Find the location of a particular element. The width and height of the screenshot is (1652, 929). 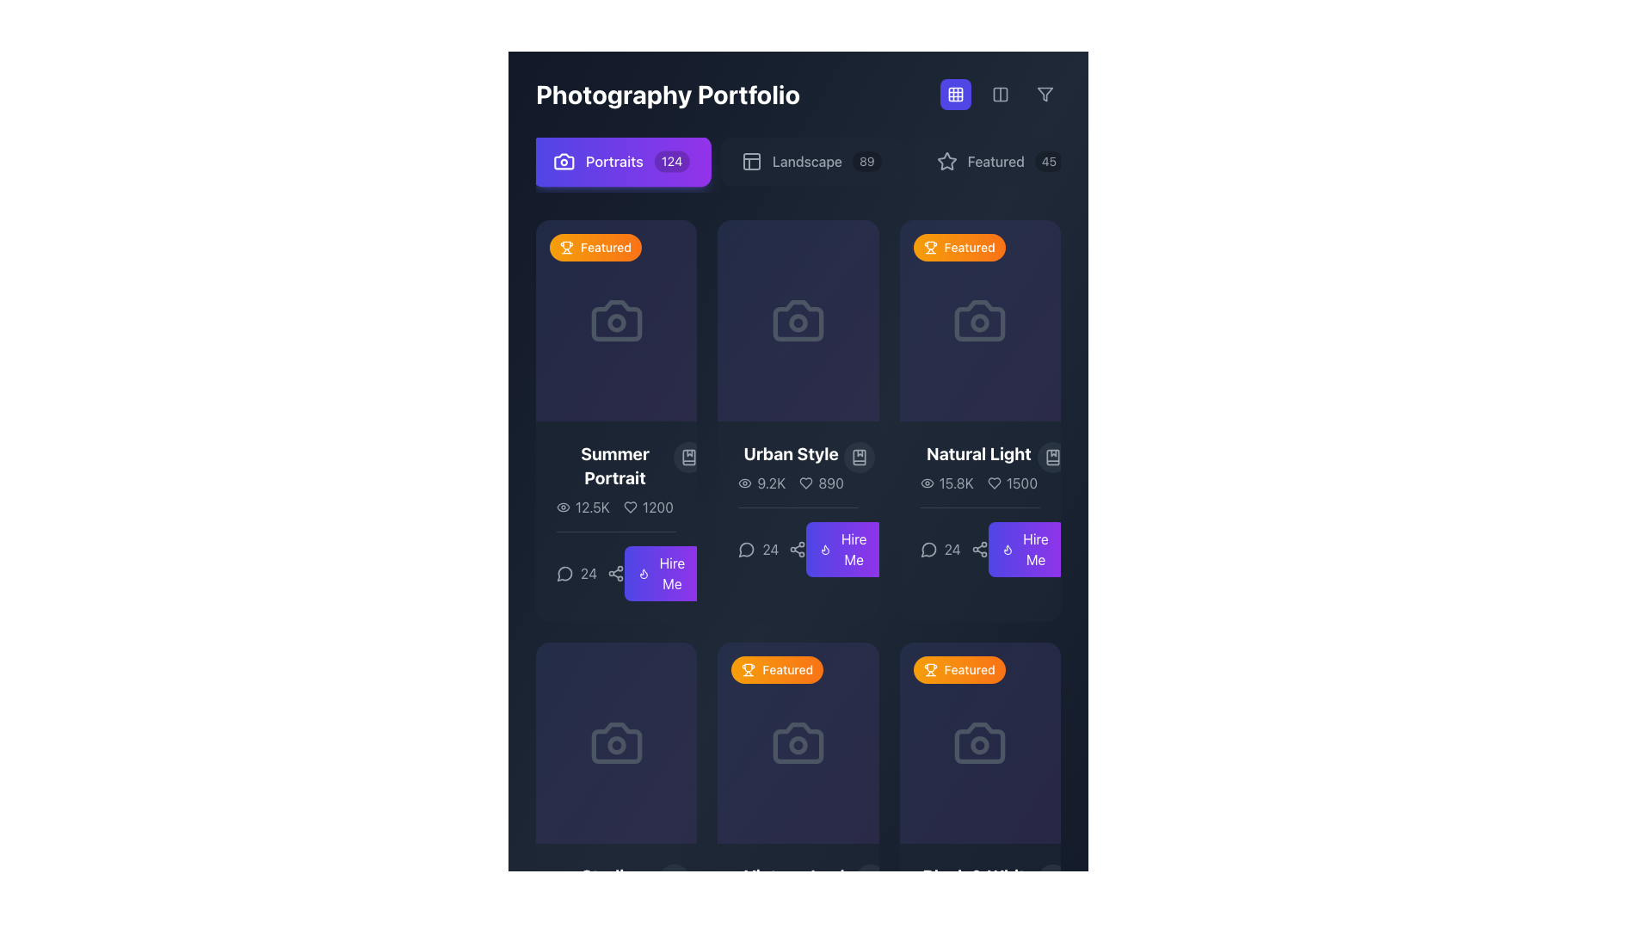

the middle button in the top-right corner of the interface is located at coordinates (1000, 95).